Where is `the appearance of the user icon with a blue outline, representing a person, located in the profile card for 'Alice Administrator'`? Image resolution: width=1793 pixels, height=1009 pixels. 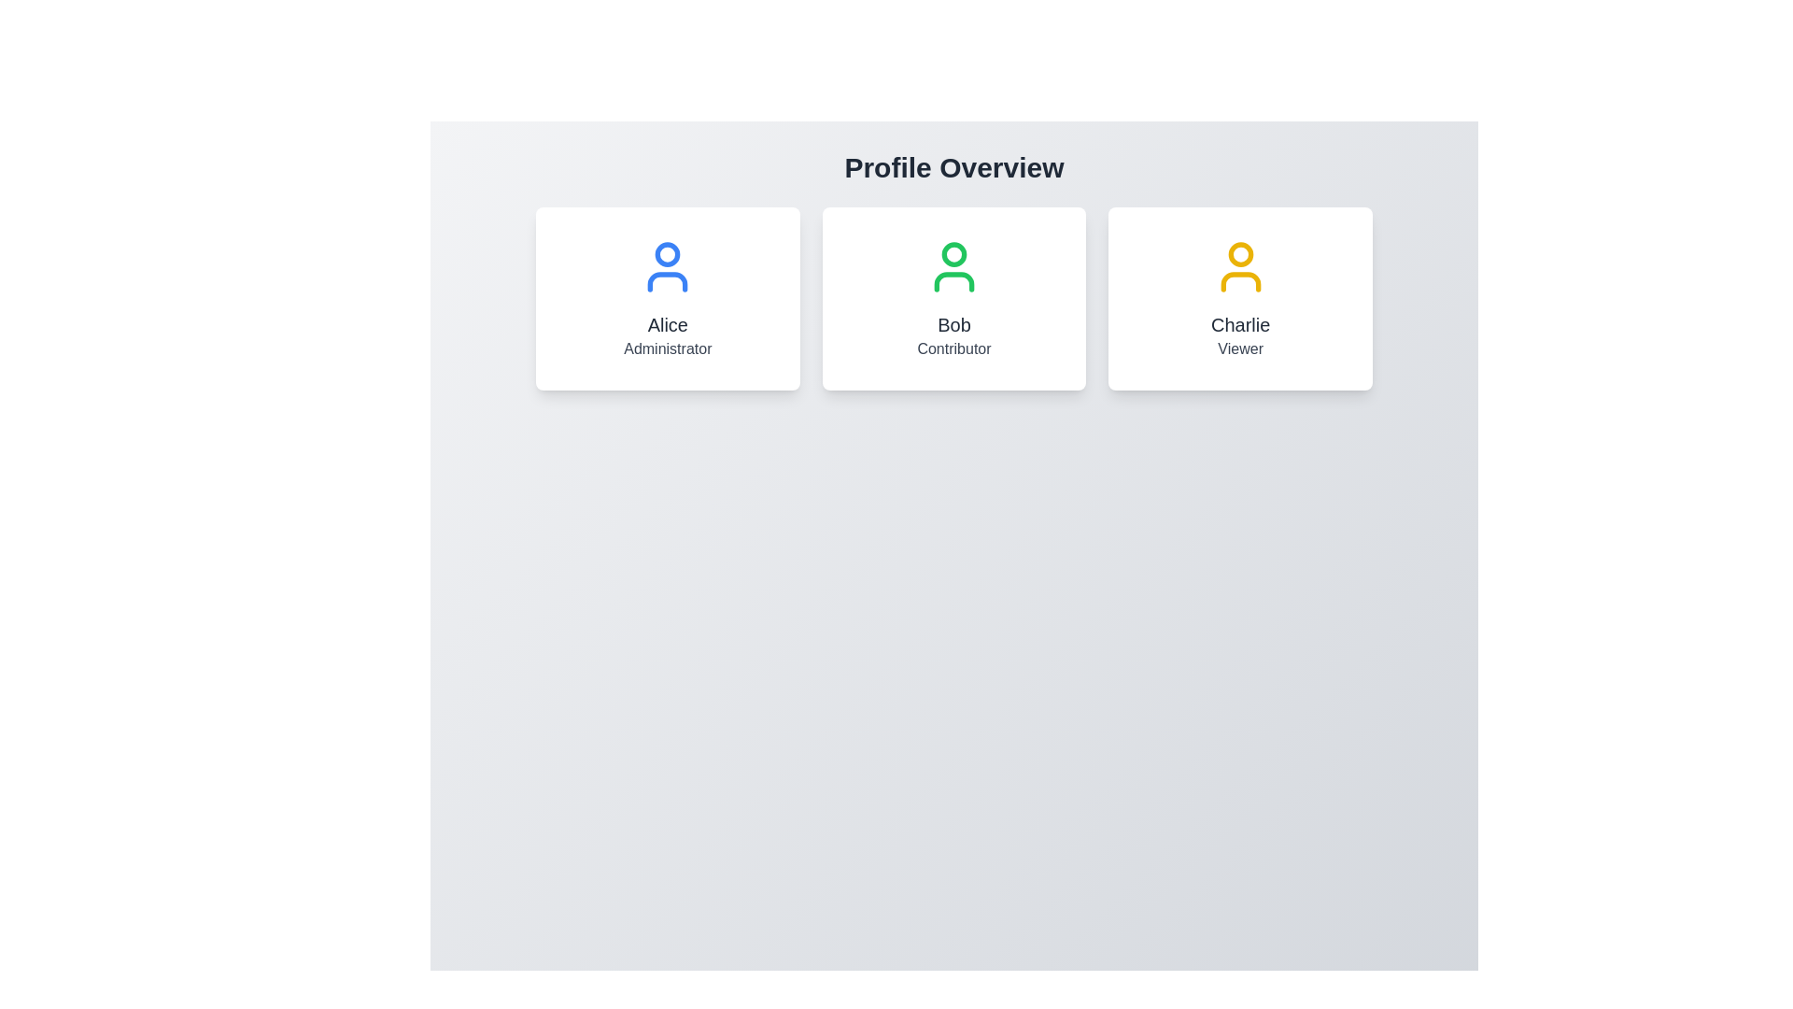
the appearance of the user icon with a blue outline, representing a person, located in the profile card for 'Alice Administrator' is located at coordinates (668, 266).